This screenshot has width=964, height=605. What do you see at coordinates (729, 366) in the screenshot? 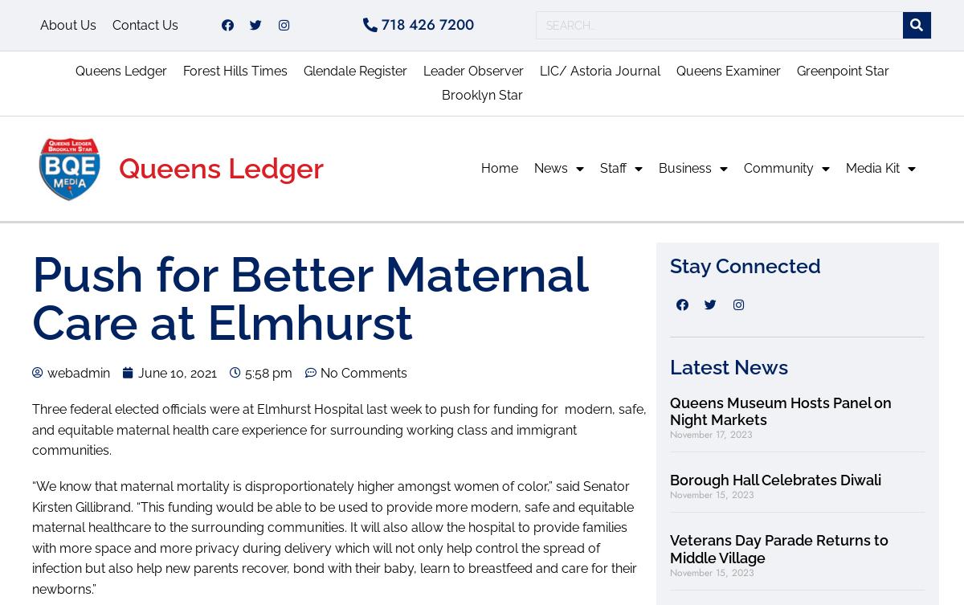
I see `'Latest News'` at bounding box center [729, 366].